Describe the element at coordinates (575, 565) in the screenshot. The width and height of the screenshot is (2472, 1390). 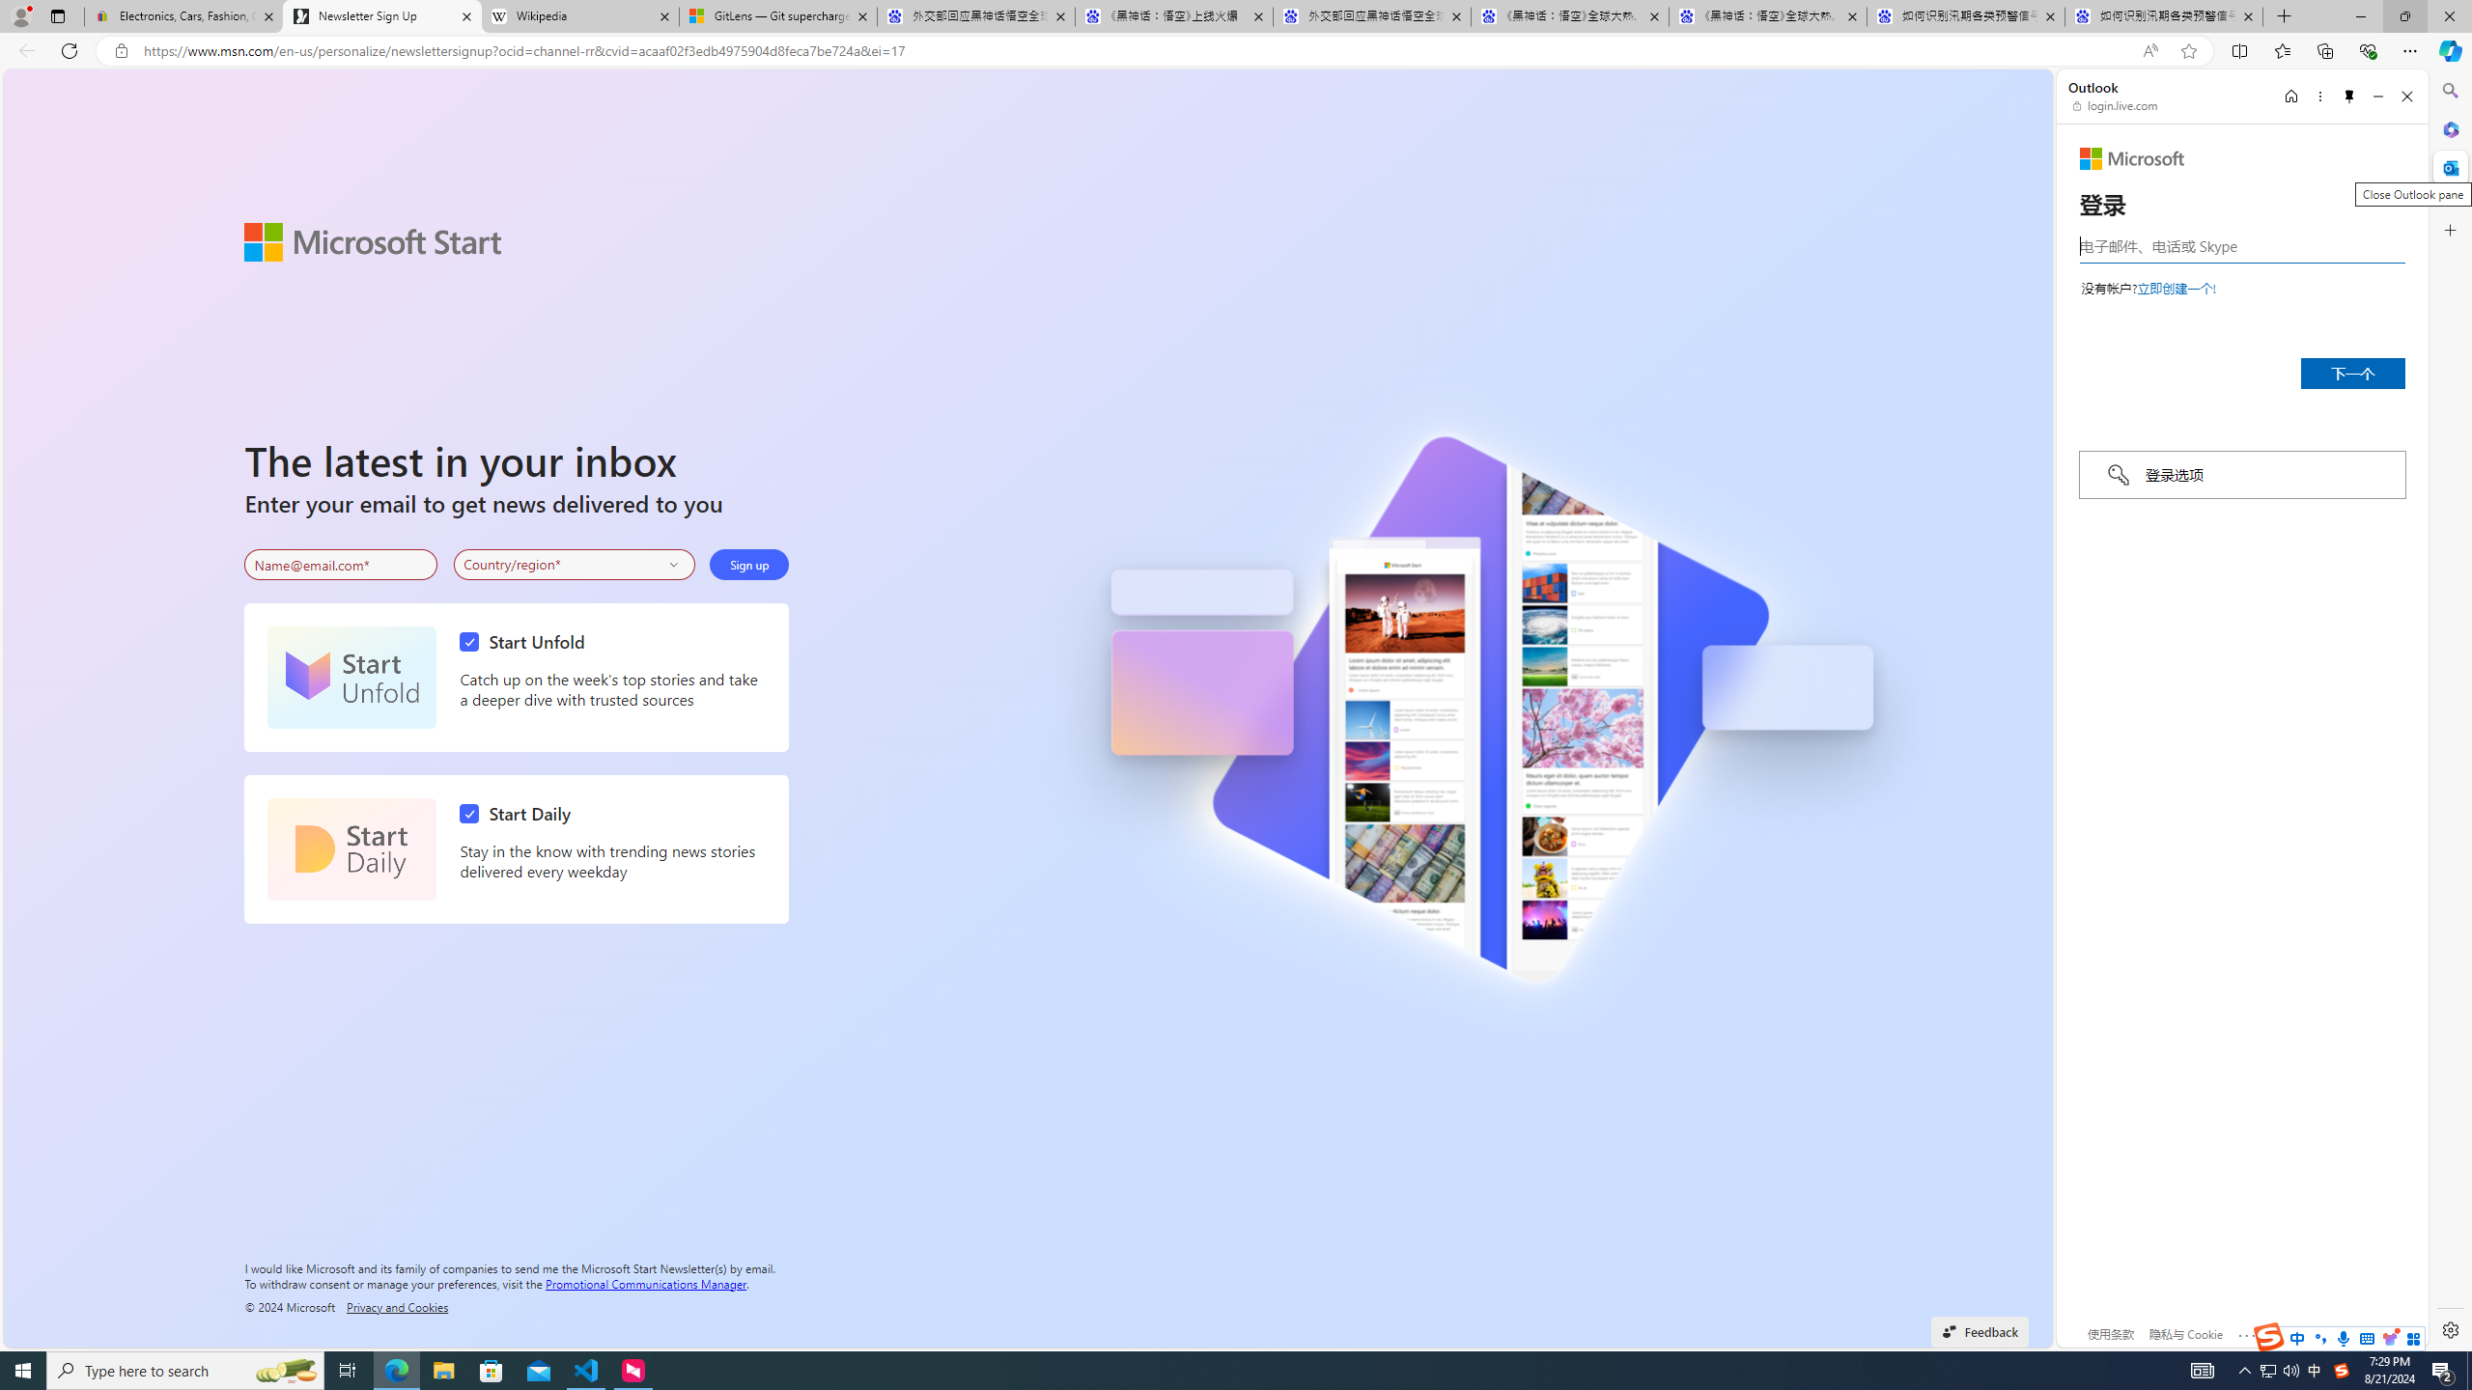
I see `'Select your country'` at that location.